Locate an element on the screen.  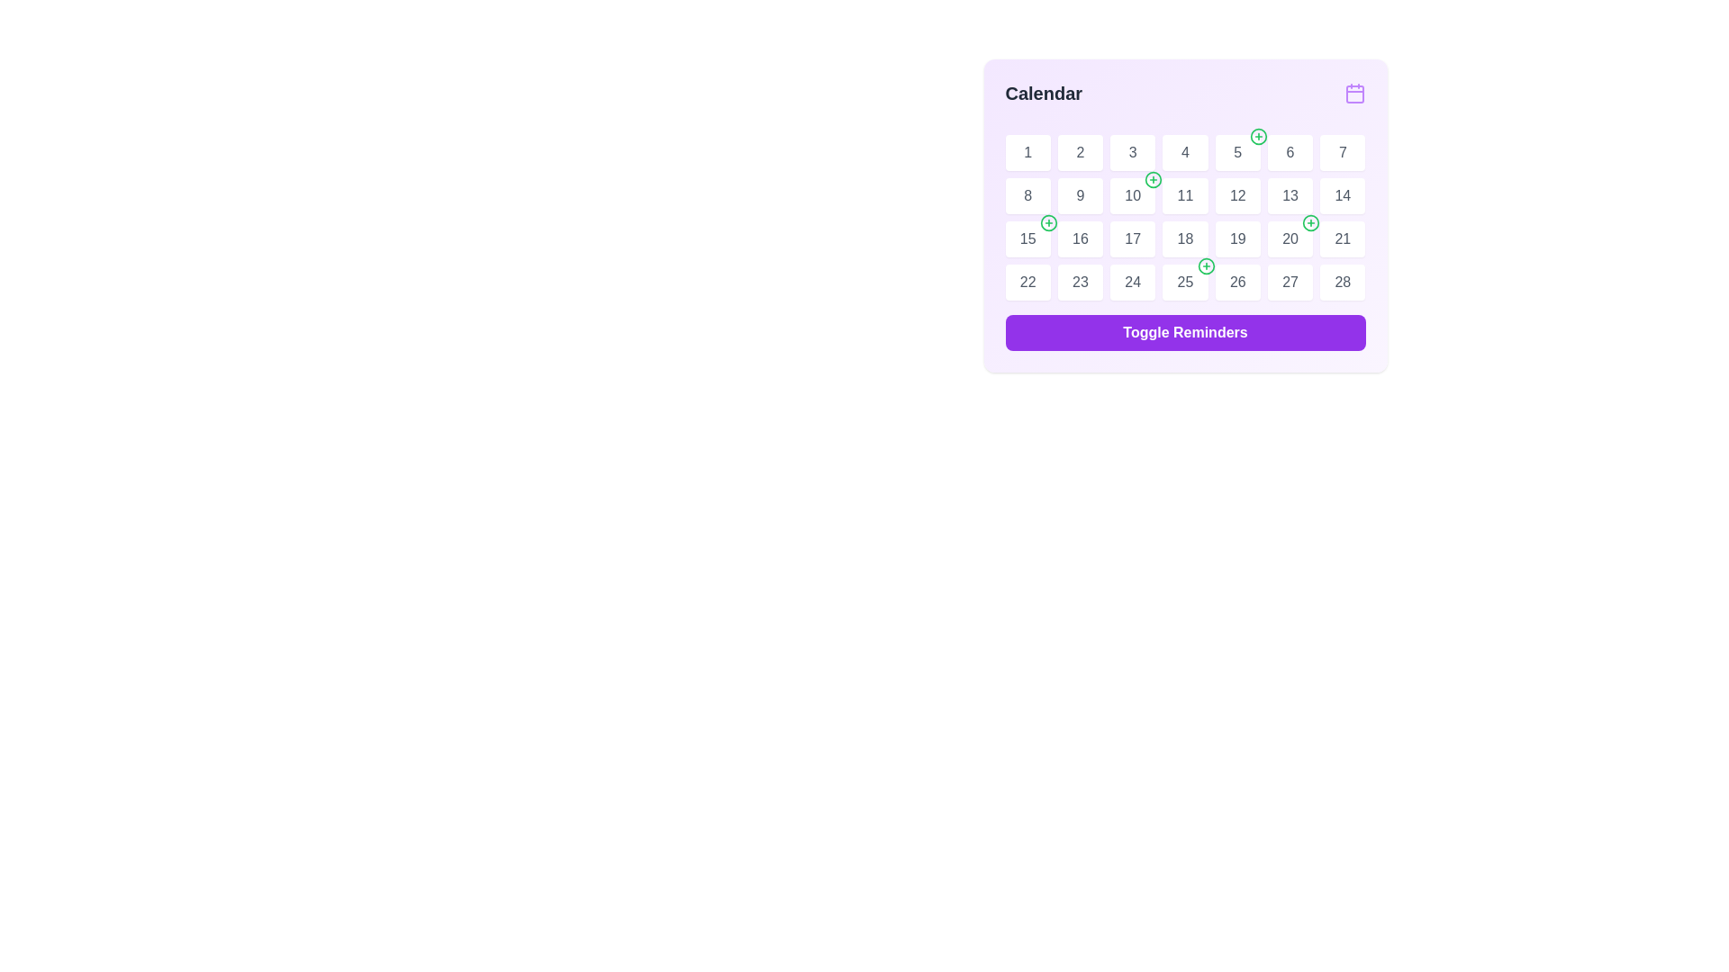
the interactive visual circle at the 10th position in the calendar grid, which is used to indicate a feature or state for adding an event or reminder is located at coordinates (1048, 221).